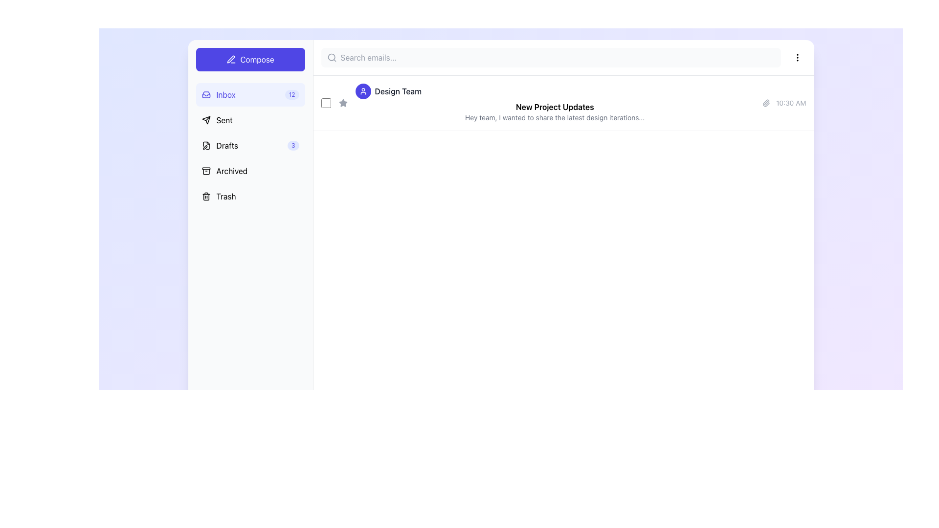 Image resolution: width=939 pixels, height=528 pixels. Describe the element at coordinates (205, 171) in the screenshot. I see `the outlined archive icon located in the left-hand navigation menu adjacent to the label 'Archived' to interact or navigate` at that location.